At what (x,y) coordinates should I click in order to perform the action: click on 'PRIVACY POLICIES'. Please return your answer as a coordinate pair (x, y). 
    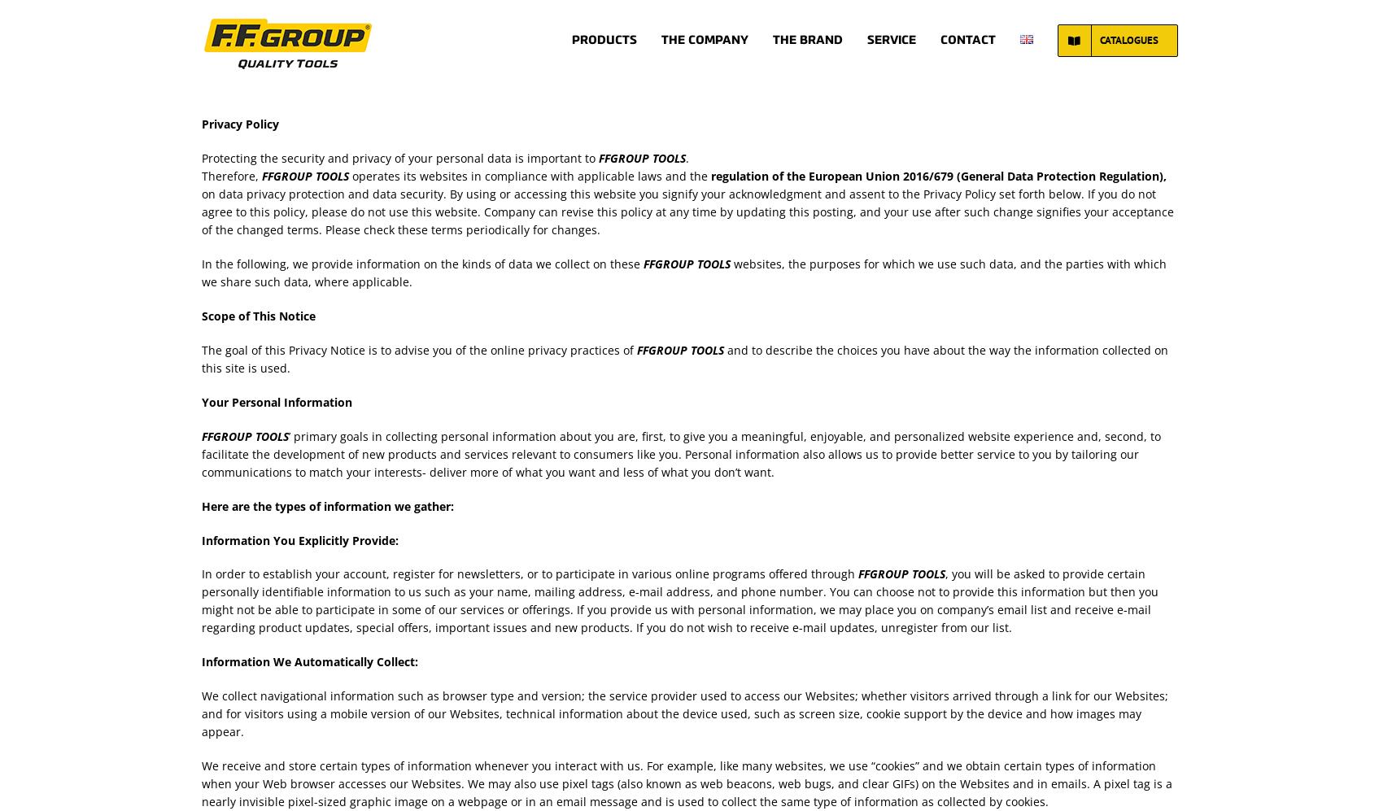
    Looking at the image, I should click on (319, 34).